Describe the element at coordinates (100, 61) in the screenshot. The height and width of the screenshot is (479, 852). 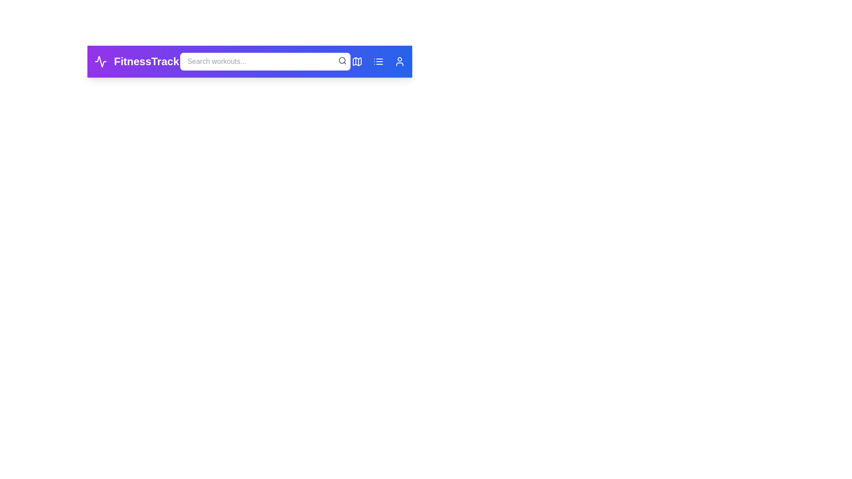
I see `the 'Fitness' icon in the app bar` at that location.